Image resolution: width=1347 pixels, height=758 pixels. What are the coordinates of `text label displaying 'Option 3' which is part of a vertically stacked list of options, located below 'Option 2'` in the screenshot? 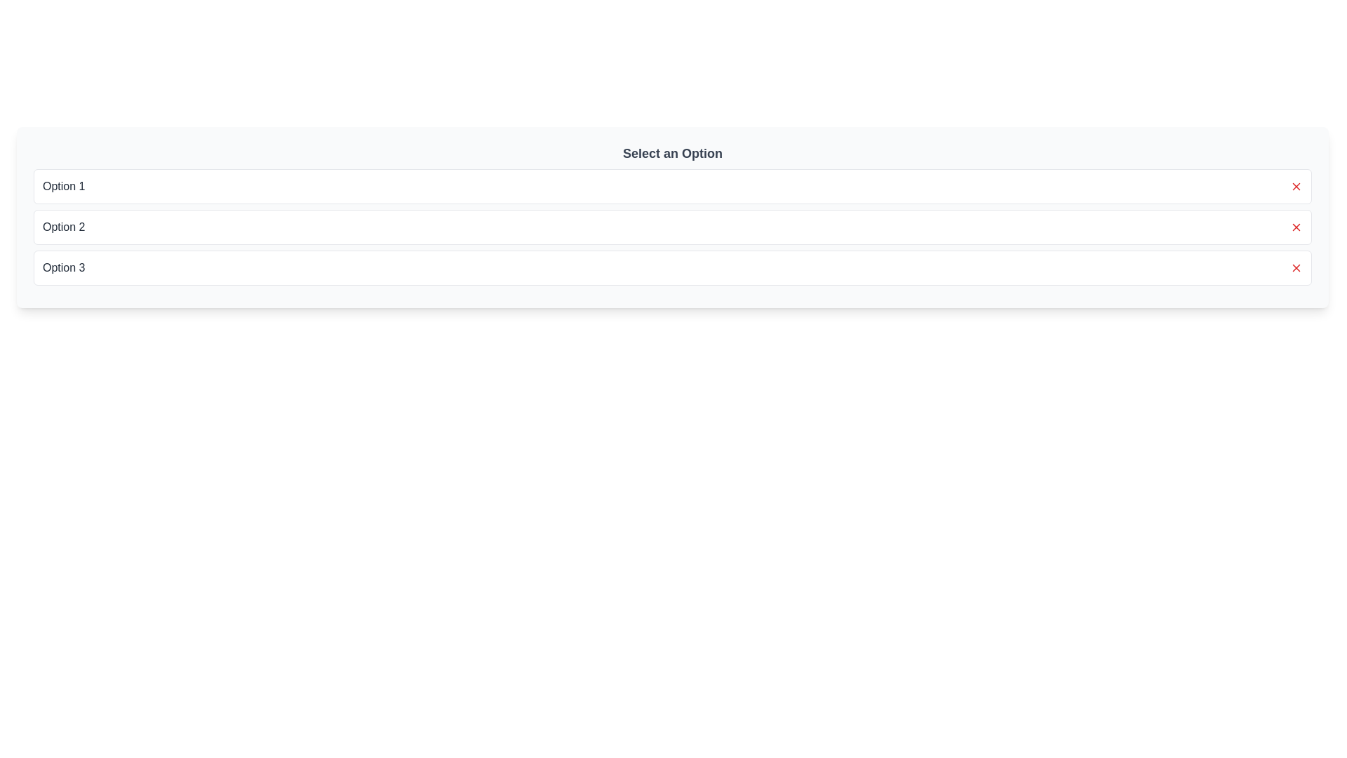 It's located at (63, 267).